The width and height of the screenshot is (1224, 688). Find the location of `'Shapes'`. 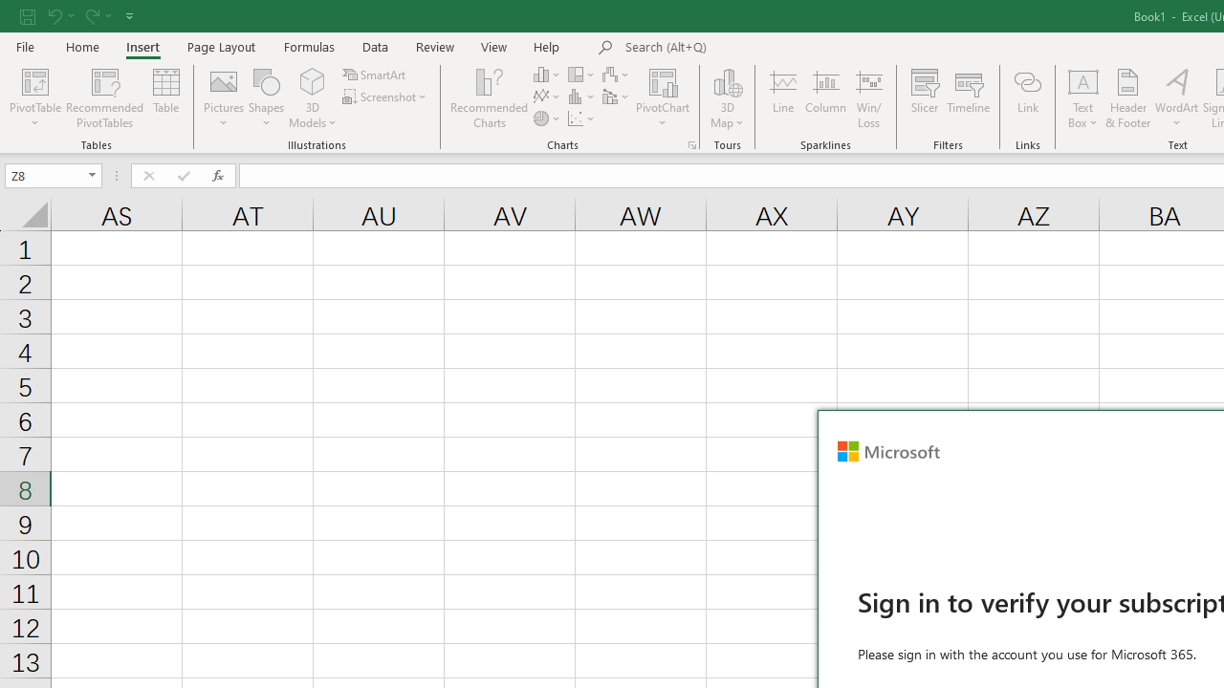

'Shapes' is located at coordinates (266, 98).